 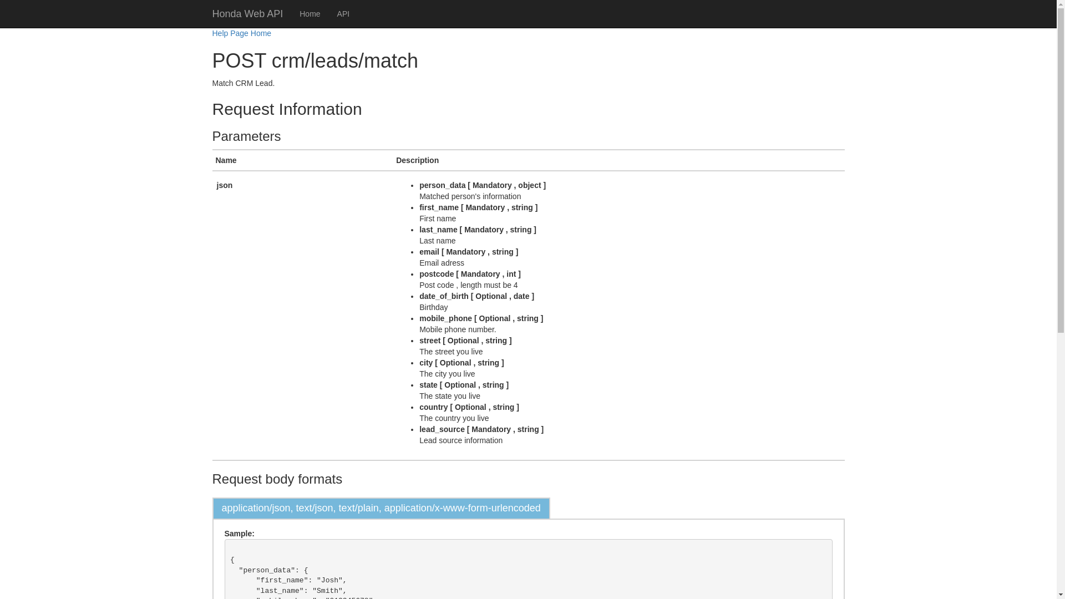 I want to click on 'Home', so click(x=310, y=13).